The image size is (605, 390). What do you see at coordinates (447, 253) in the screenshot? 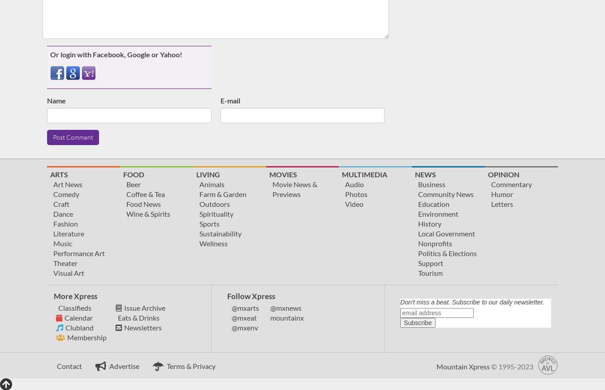
I see `'Politics & Elections'` at bounding box center [447, 253].